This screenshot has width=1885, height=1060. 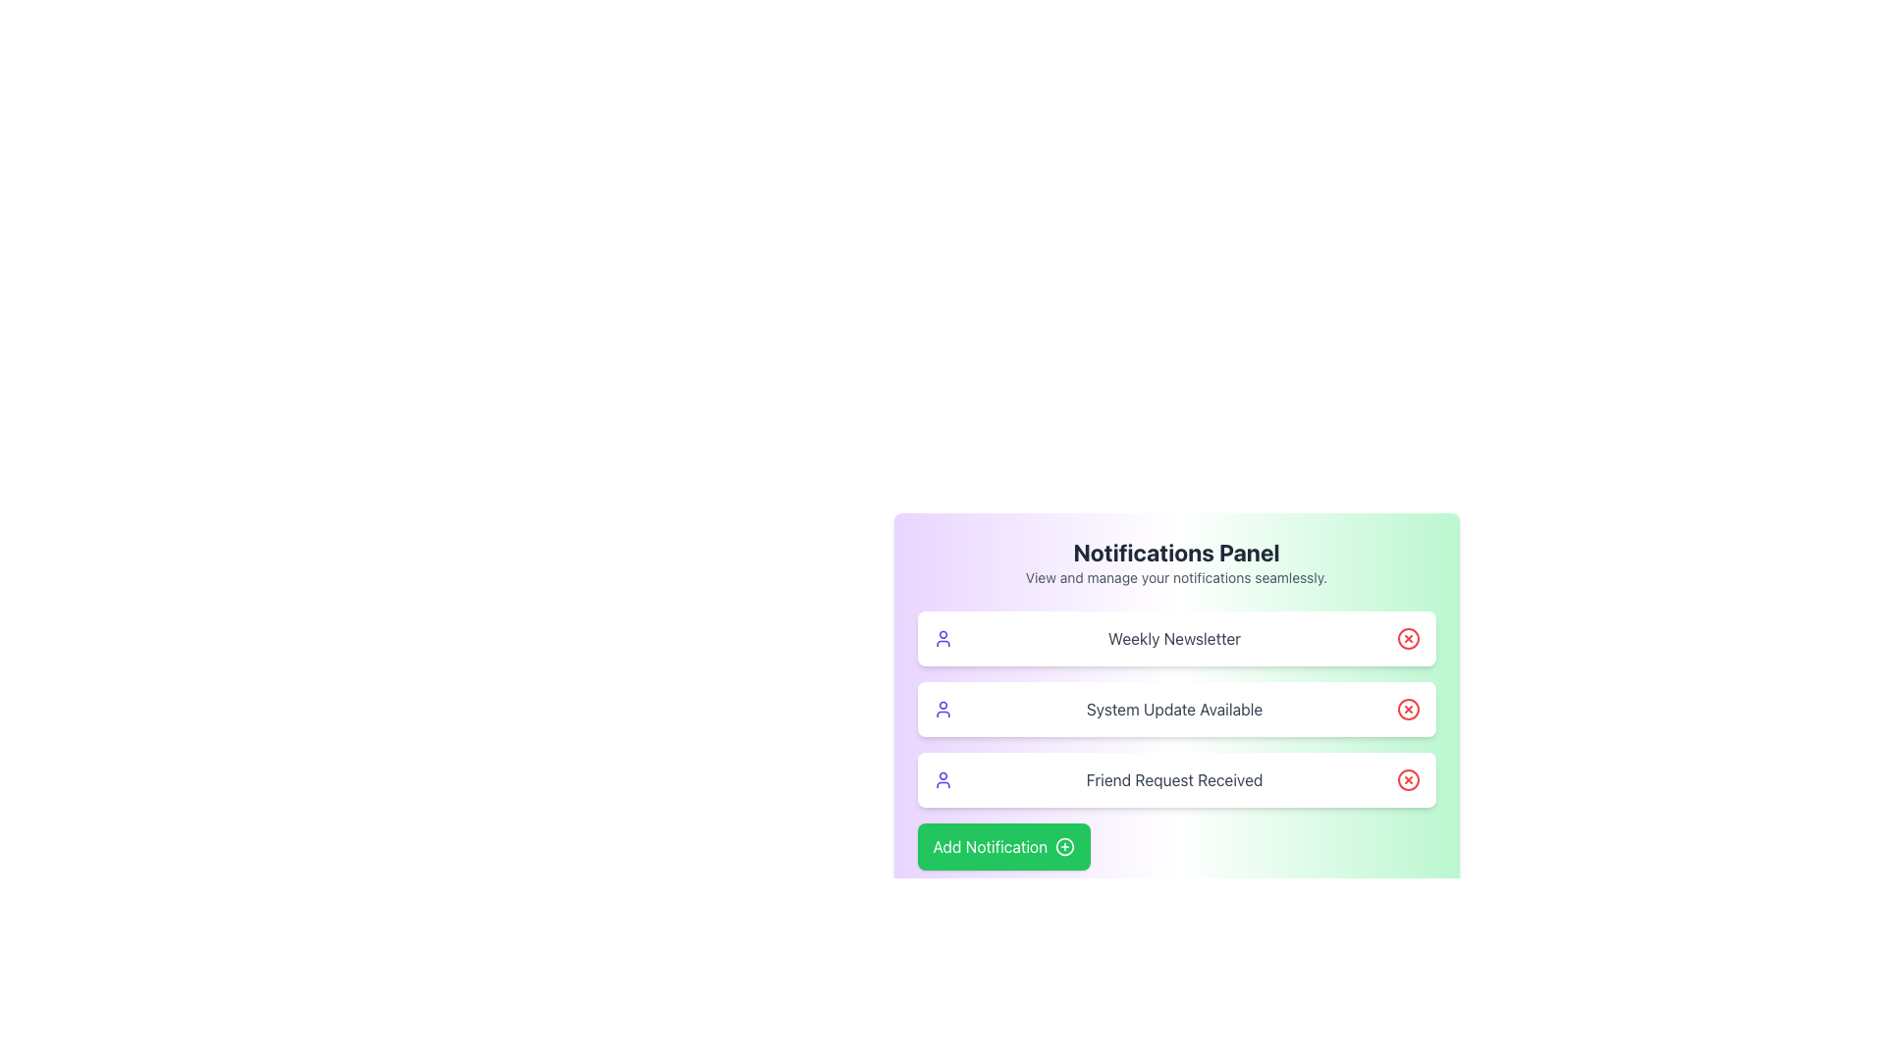 What do you see at coordinates (1176, 553) in the screenshot?
I see `the Header text in the notification panel, which serves as the title and provides context for the panel` at bounding box center [1176, 553].